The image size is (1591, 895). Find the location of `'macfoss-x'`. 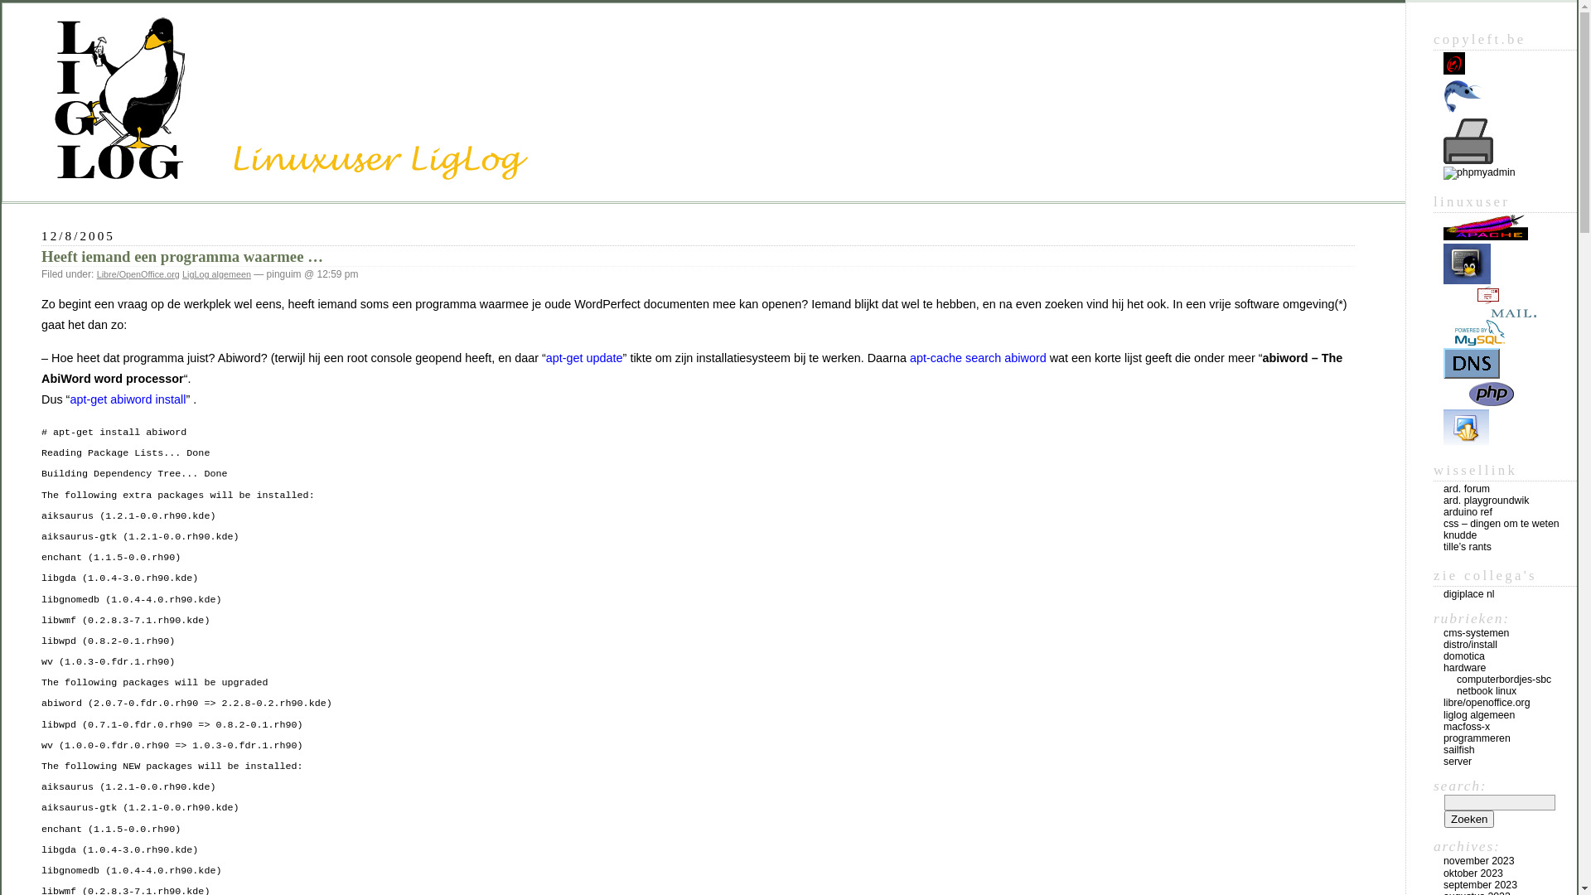

'macfoss-x' is located at coordinates (1467, 725).